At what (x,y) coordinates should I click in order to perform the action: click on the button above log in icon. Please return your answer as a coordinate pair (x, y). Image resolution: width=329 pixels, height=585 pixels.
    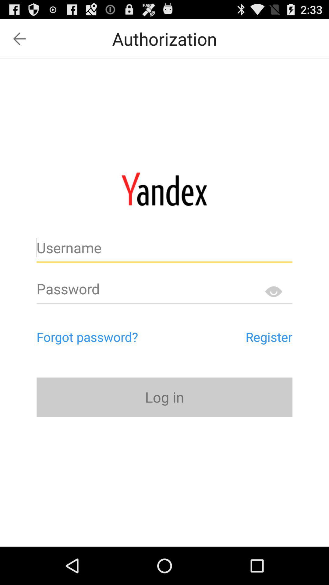
    Looking at the image, I should click on (241, 336).